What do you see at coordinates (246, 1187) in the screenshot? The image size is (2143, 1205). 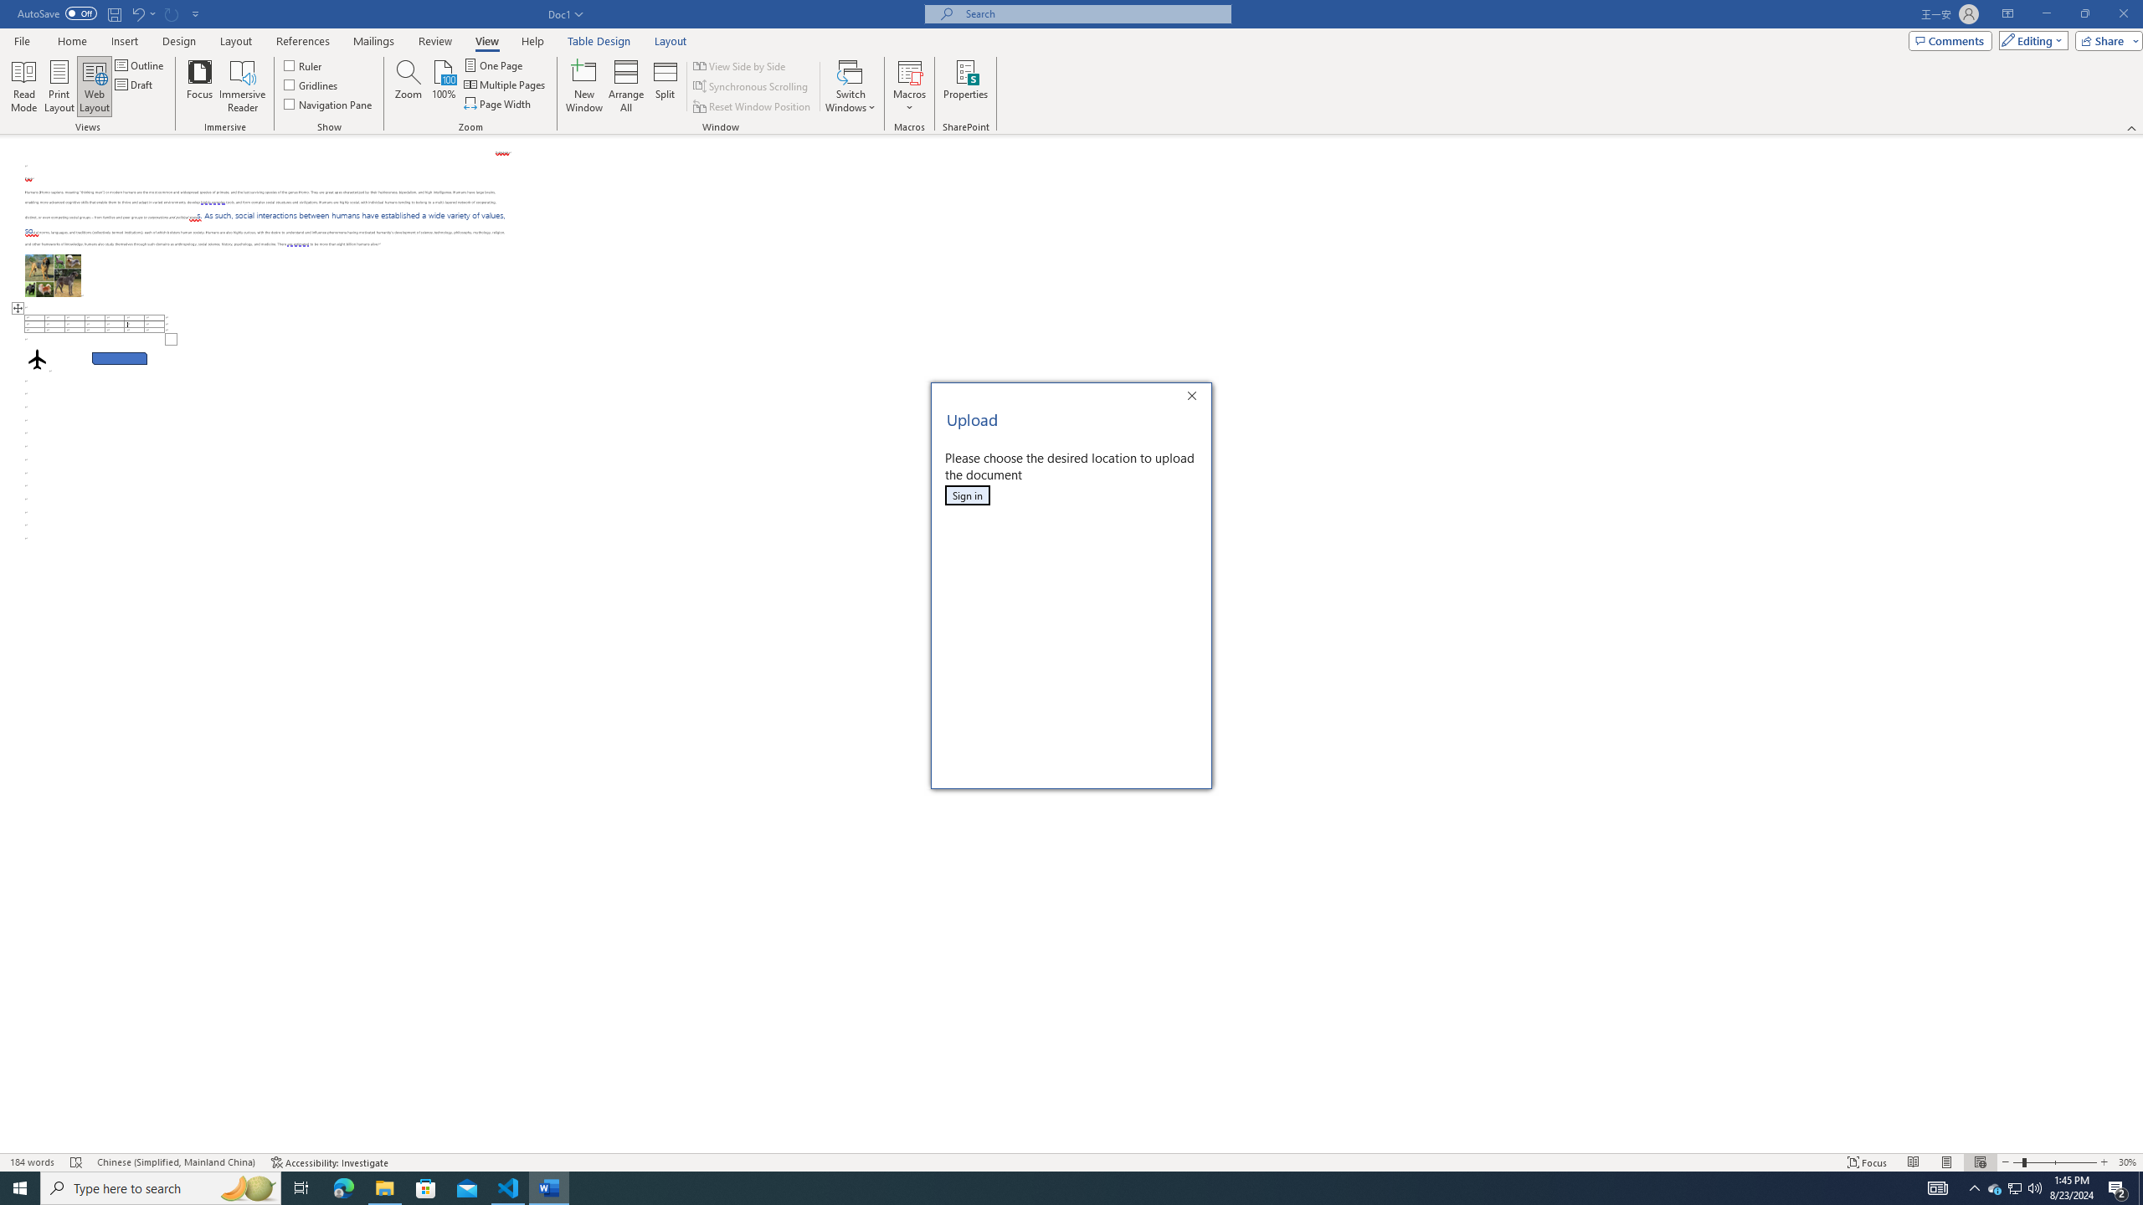 I see `'Search highlights icon opens search home window'` at bounding box center [246, 1187].